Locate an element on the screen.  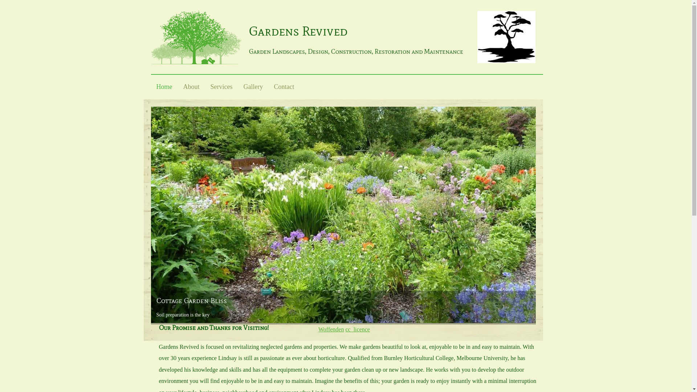
'Gallery' is located at coordinates (253, 86).